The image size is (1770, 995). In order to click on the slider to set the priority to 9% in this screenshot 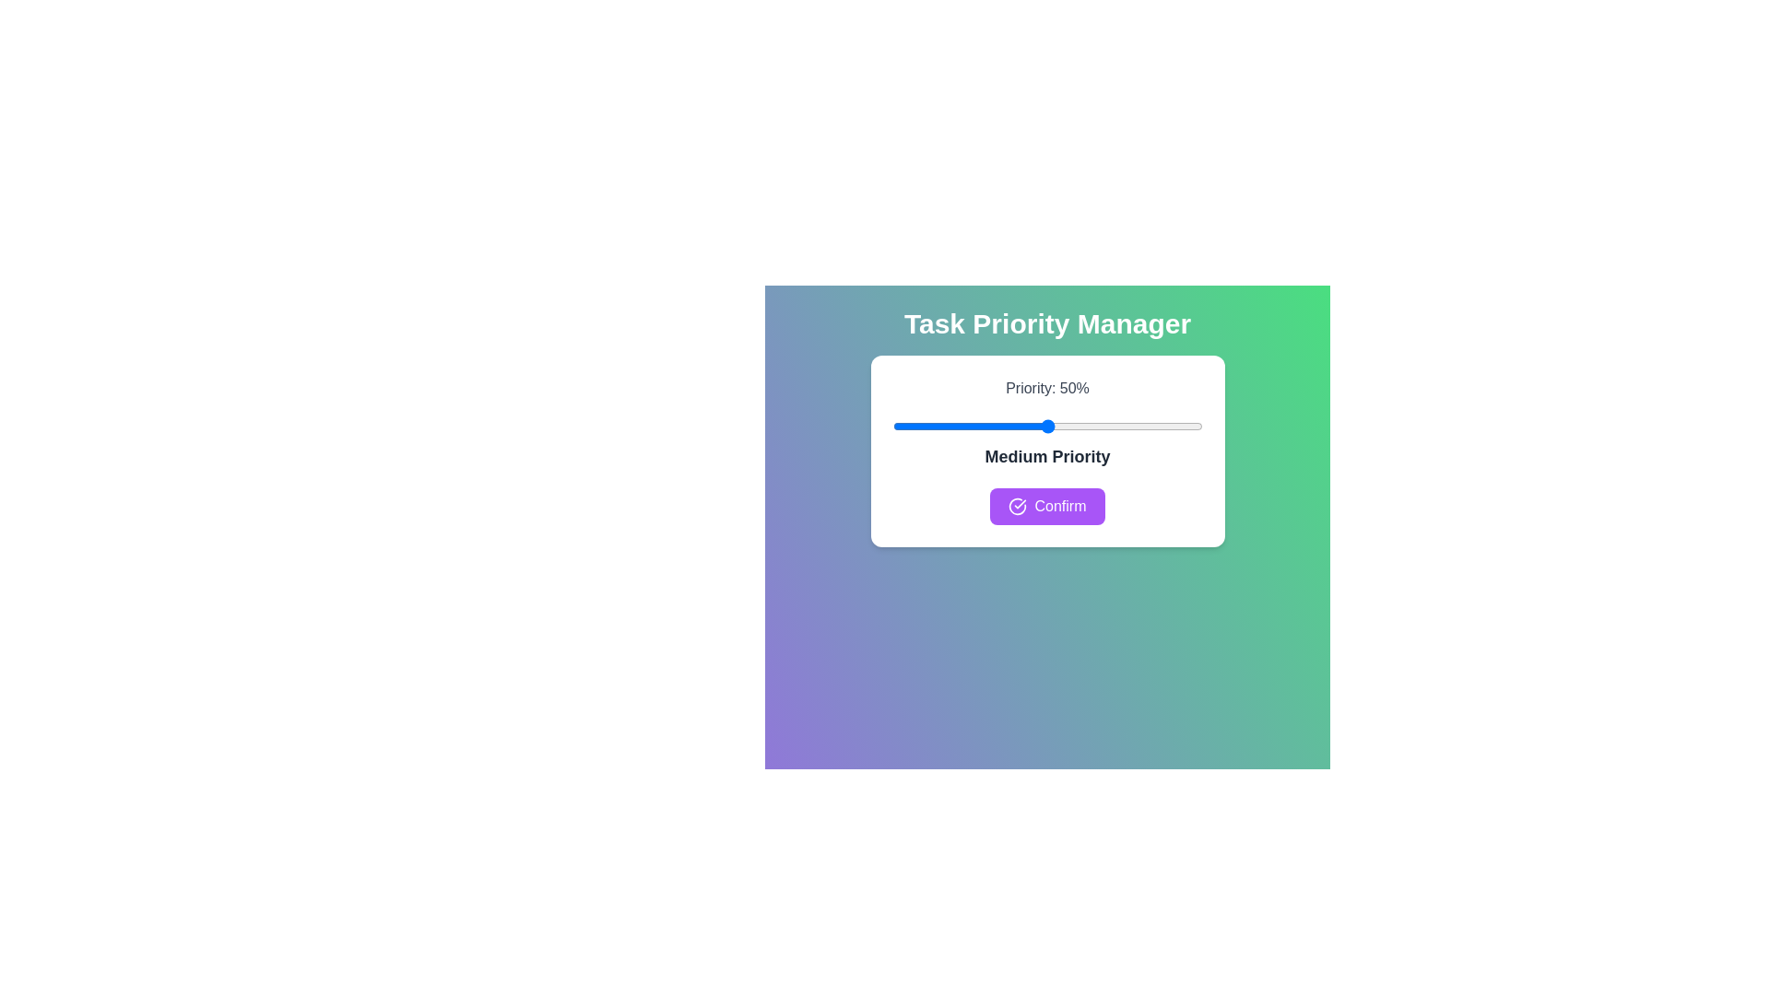, I will do `click(920, 426)`.